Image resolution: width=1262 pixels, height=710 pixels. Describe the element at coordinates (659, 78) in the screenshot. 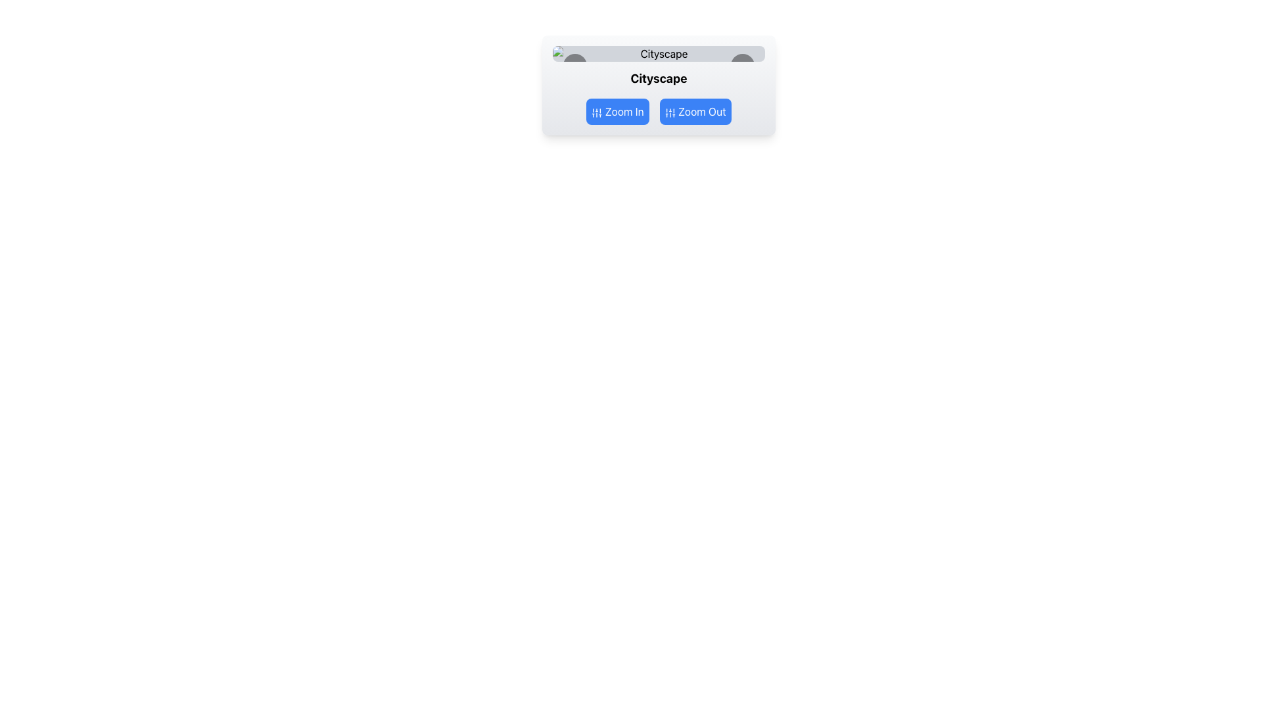

I see `the central text label indicating 'Cityscape', which is positioned between the 'Zoom In' and 'Zoom Out' buttons` at that location.